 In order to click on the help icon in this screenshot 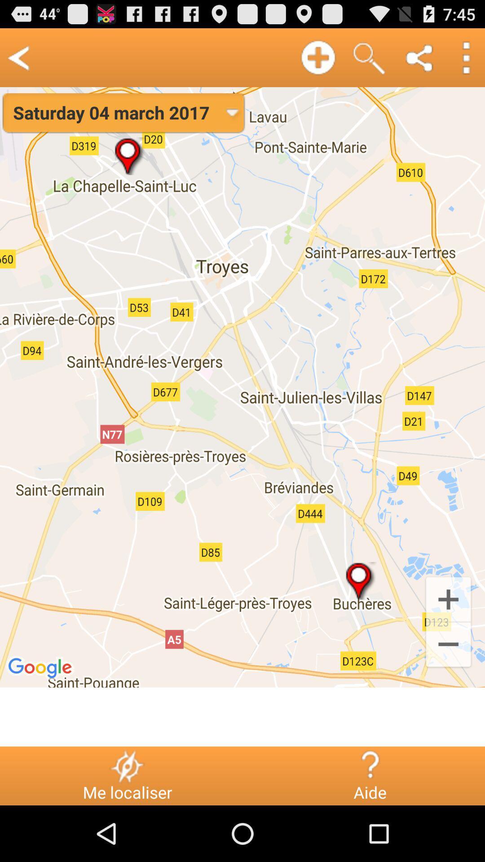, I will do `click(370, 820)`.